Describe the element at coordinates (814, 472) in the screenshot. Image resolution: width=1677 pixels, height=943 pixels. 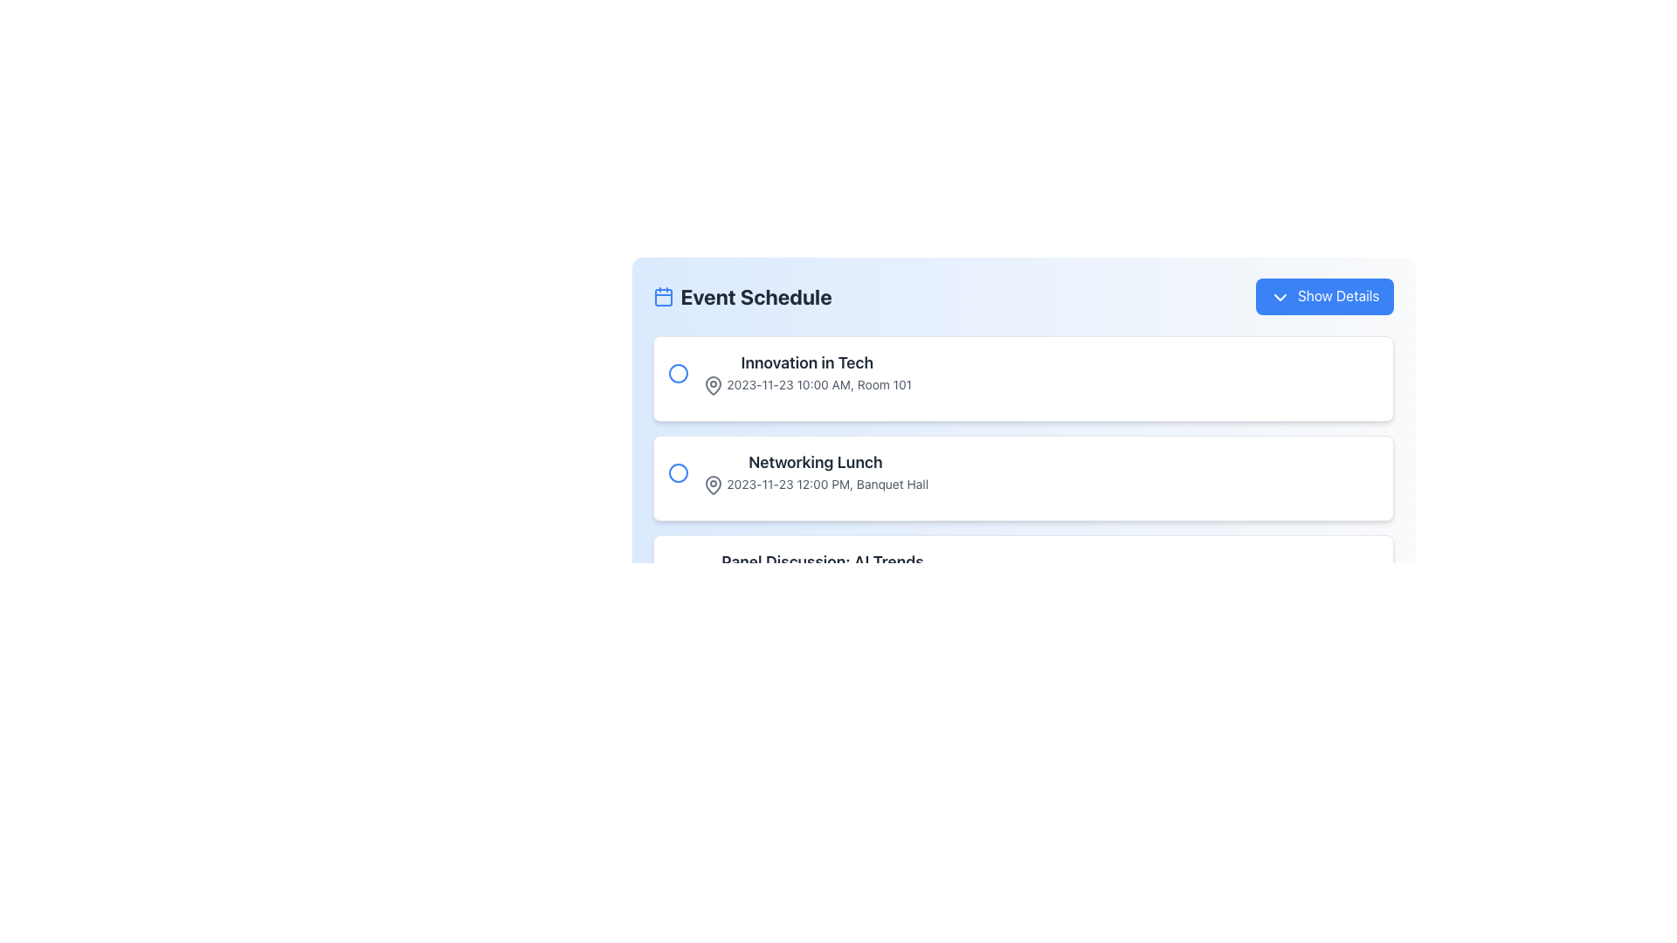
I see `the list item displaying 'Networking Lunch' to highlight it in the Event Schedule section` at that location.